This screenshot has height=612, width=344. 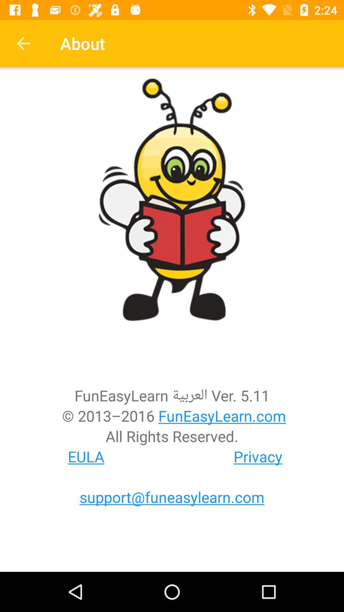 What do you see at coordinates (86, 456) in the screenshot?
I see `the icon below the all rights reserved. icon` at bounding box center [86, 456].